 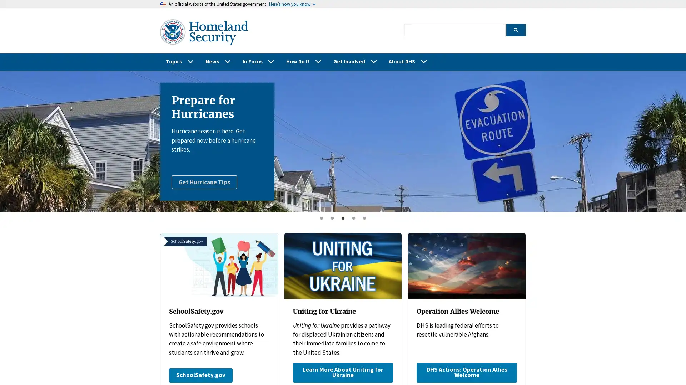 I want to click on search, so click(x=516, y=29).